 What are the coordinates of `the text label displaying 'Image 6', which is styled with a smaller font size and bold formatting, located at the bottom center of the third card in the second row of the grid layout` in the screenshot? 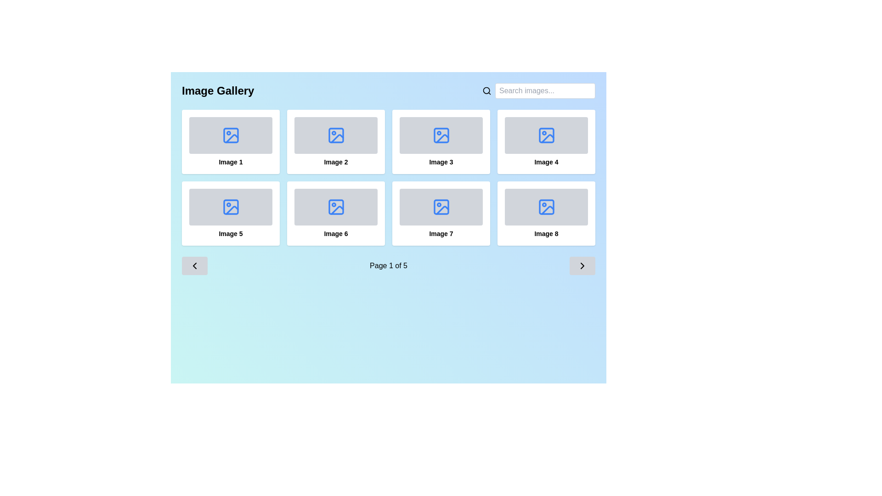 It's located at (335, 233).